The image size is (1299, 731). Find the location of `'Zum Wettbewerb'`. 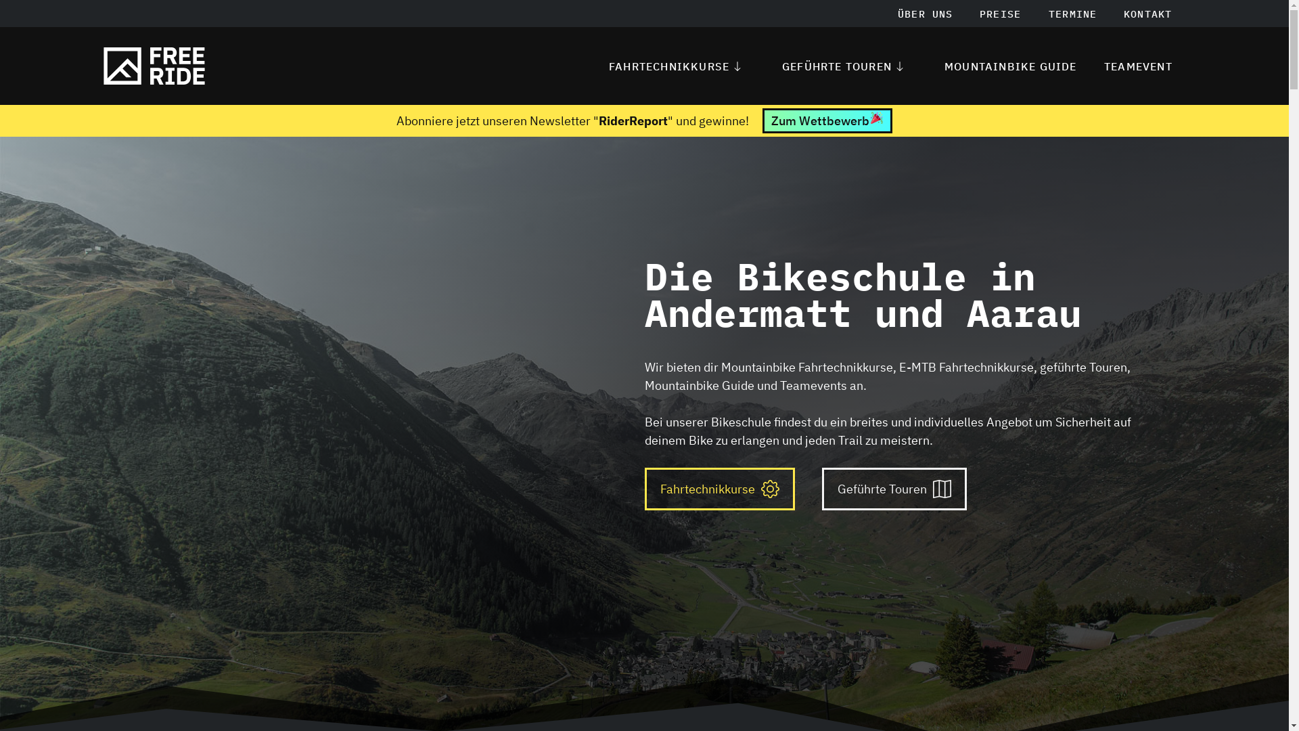

'Zum Wettbewerb' is located at coordinates (827, 120).